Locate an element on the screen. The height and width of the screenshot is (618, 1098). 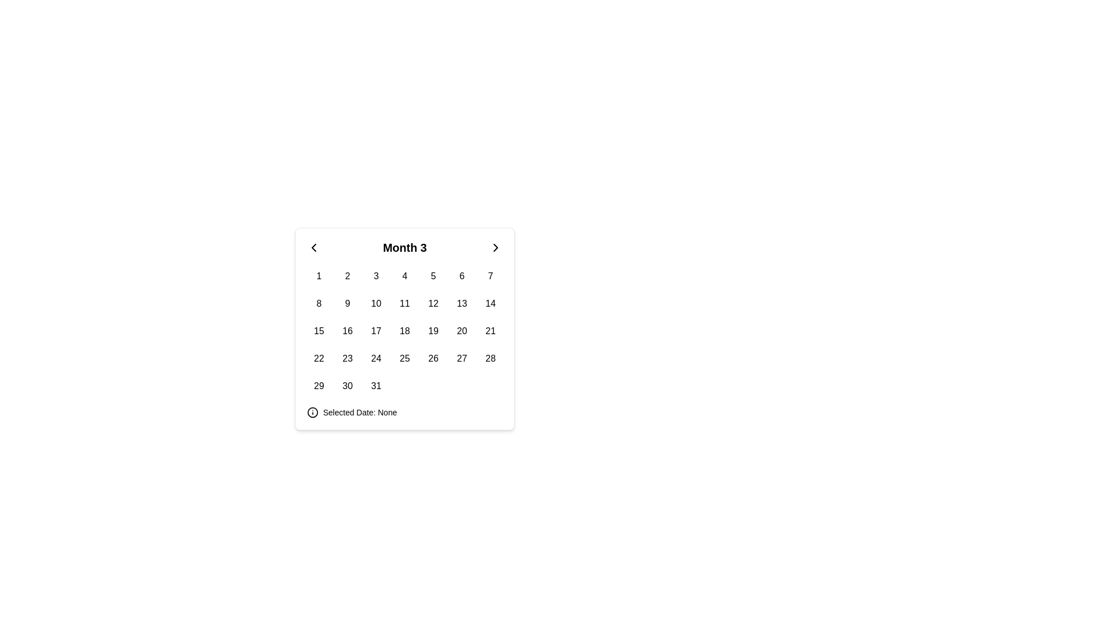
the button representing the 17th day in the calendar grid is located at coordinates (376, 331).